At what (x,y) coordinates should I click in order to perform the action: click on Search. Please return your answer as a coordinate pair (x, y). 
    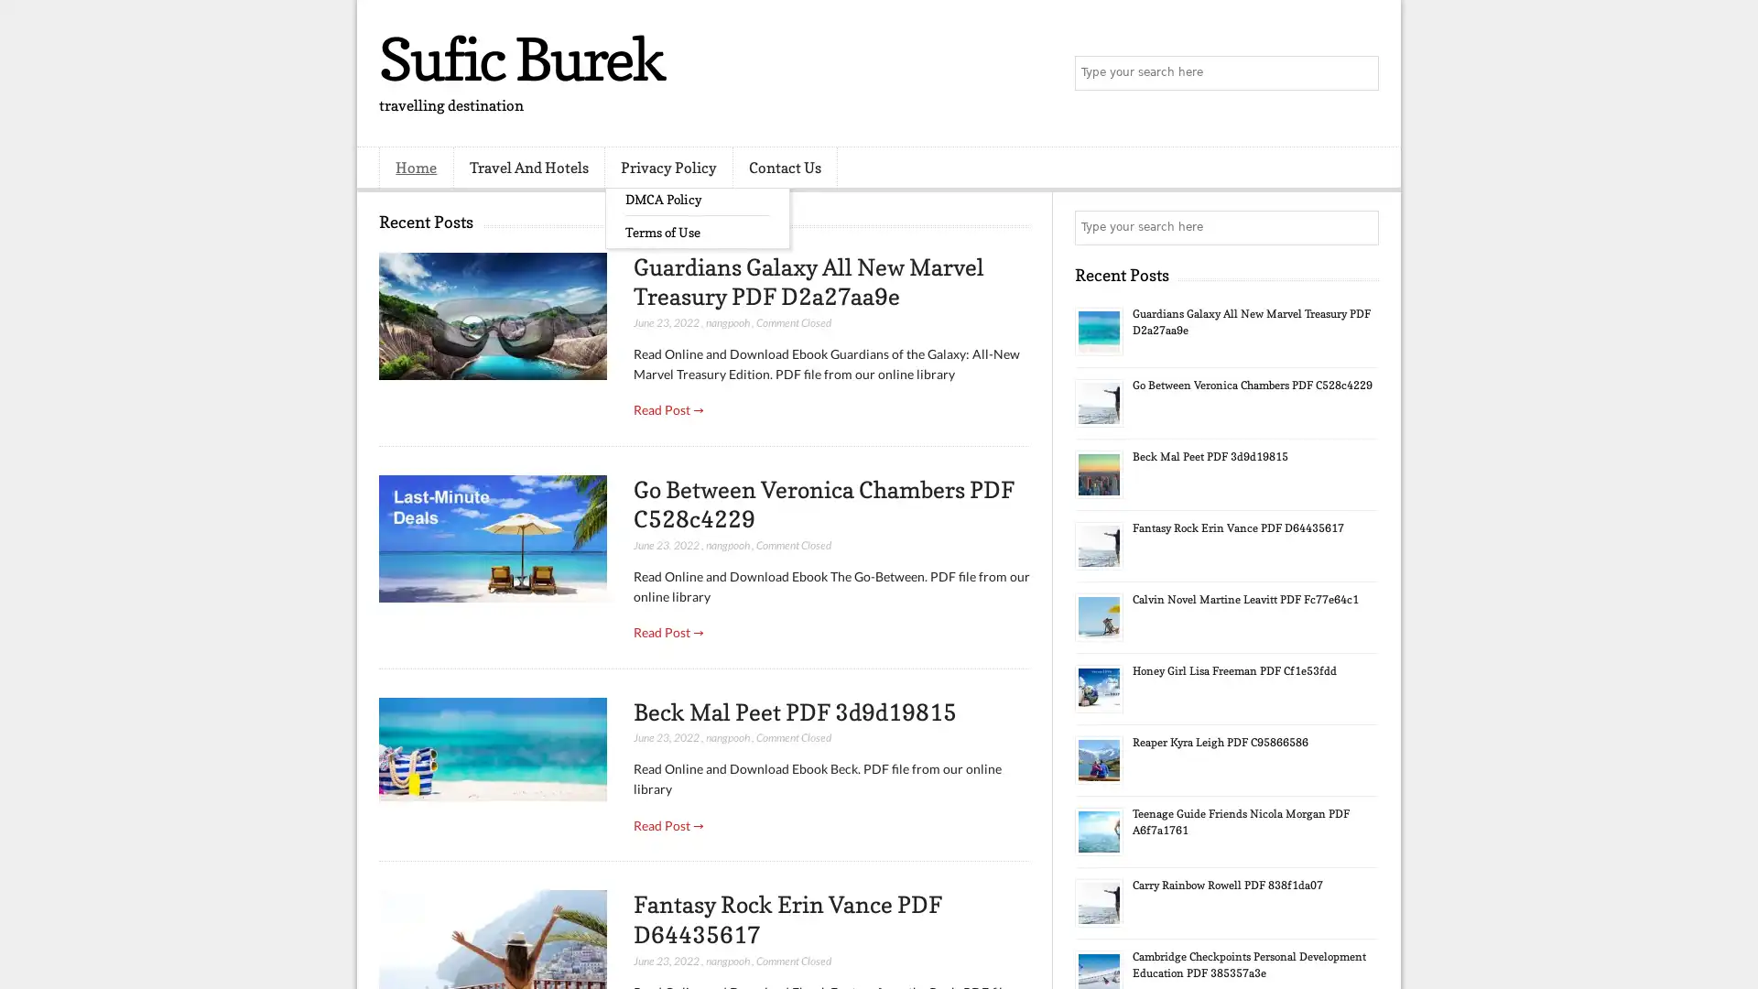
    Looking at the image, I should click on (1360, 227).